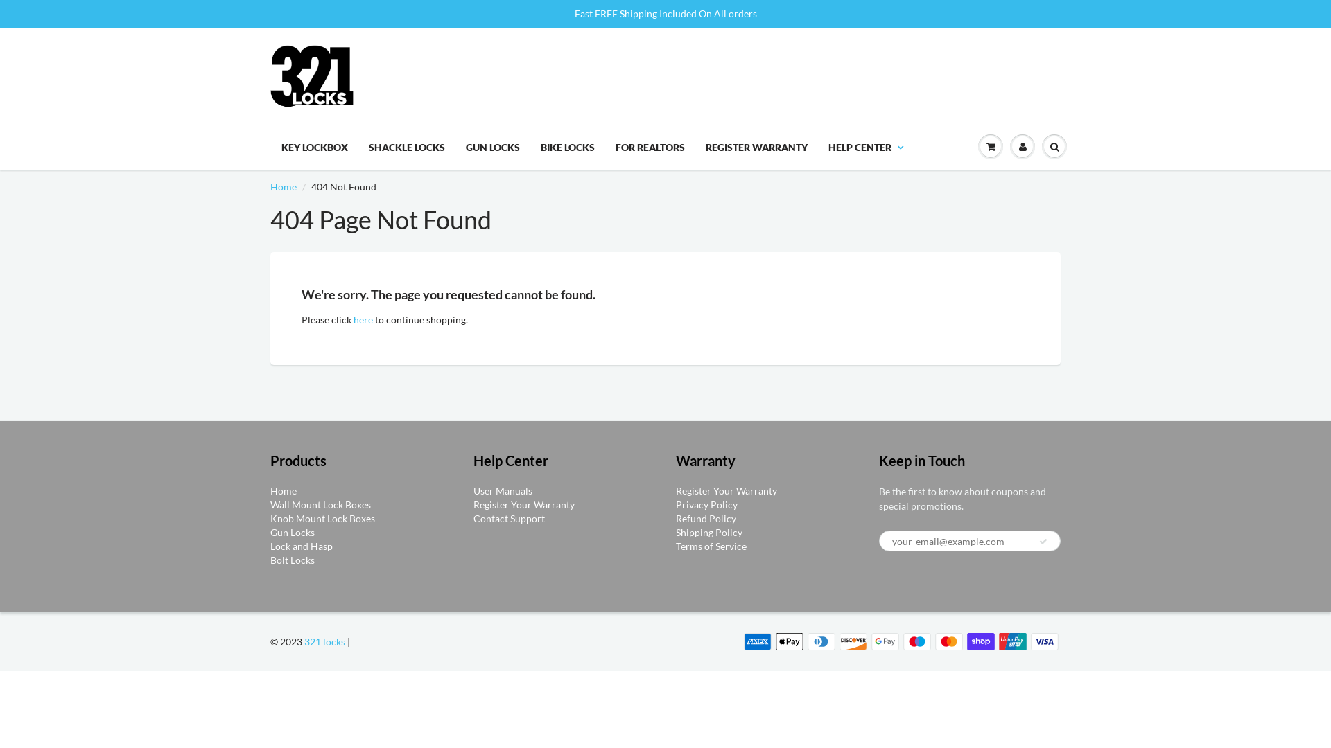  What do you see at coordinates (320, 504) in the screenshot?
I see `'Wall Mount Lock Boxes'` at bounding box center [320, 504].